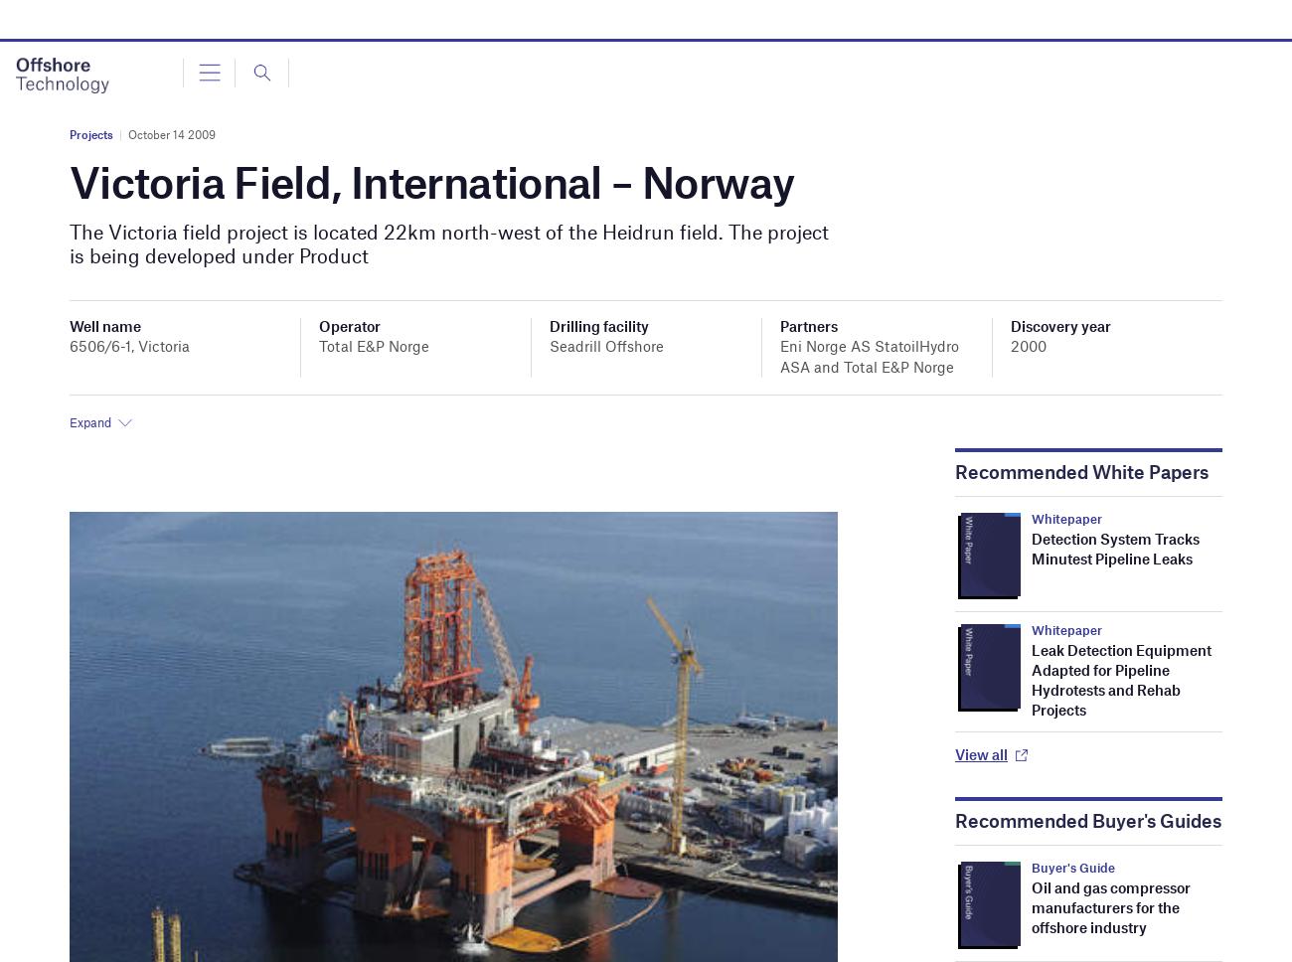 The image size is (1292, 962). I want to click on 'News', so click(30, 20).